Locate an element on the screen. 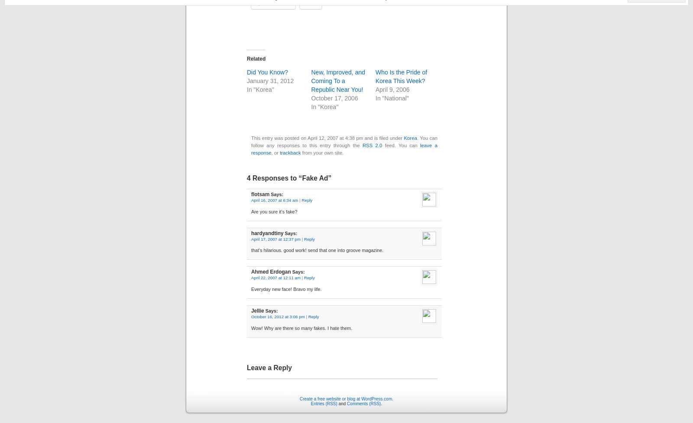 This screenshot has width=693, height=423. 'Create a free website or blog at WordPress.com.' is located at coordinates (299, 398).